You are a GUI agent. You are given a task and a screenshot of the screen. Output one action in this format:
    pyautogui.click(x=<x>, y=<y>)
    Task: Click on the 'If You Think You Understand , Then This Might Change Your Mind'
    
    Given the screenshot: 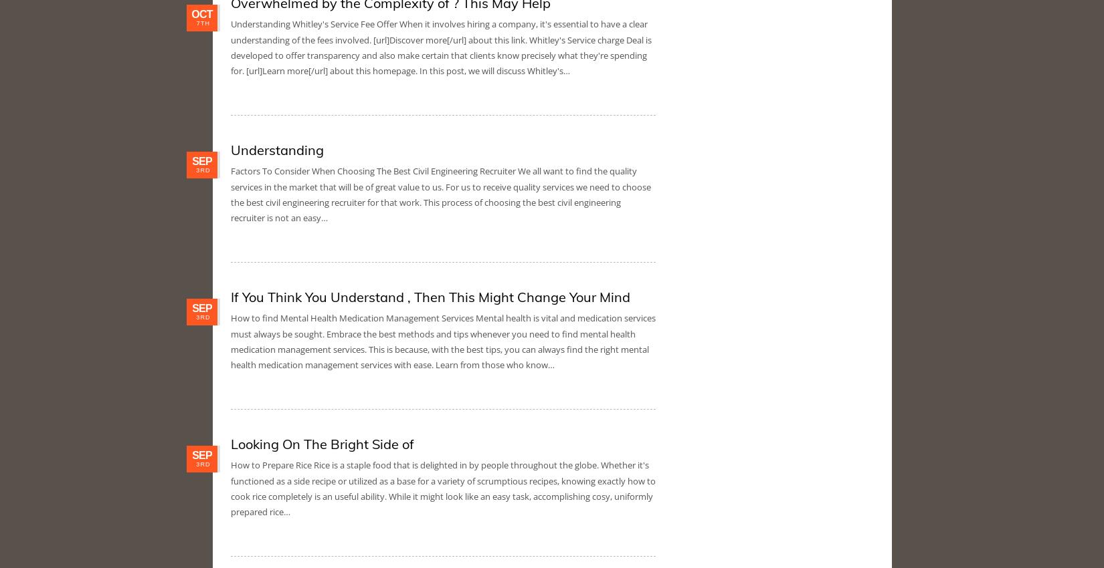 What is the action you would take?
    pyautogui.click(x=231, y=296)
    